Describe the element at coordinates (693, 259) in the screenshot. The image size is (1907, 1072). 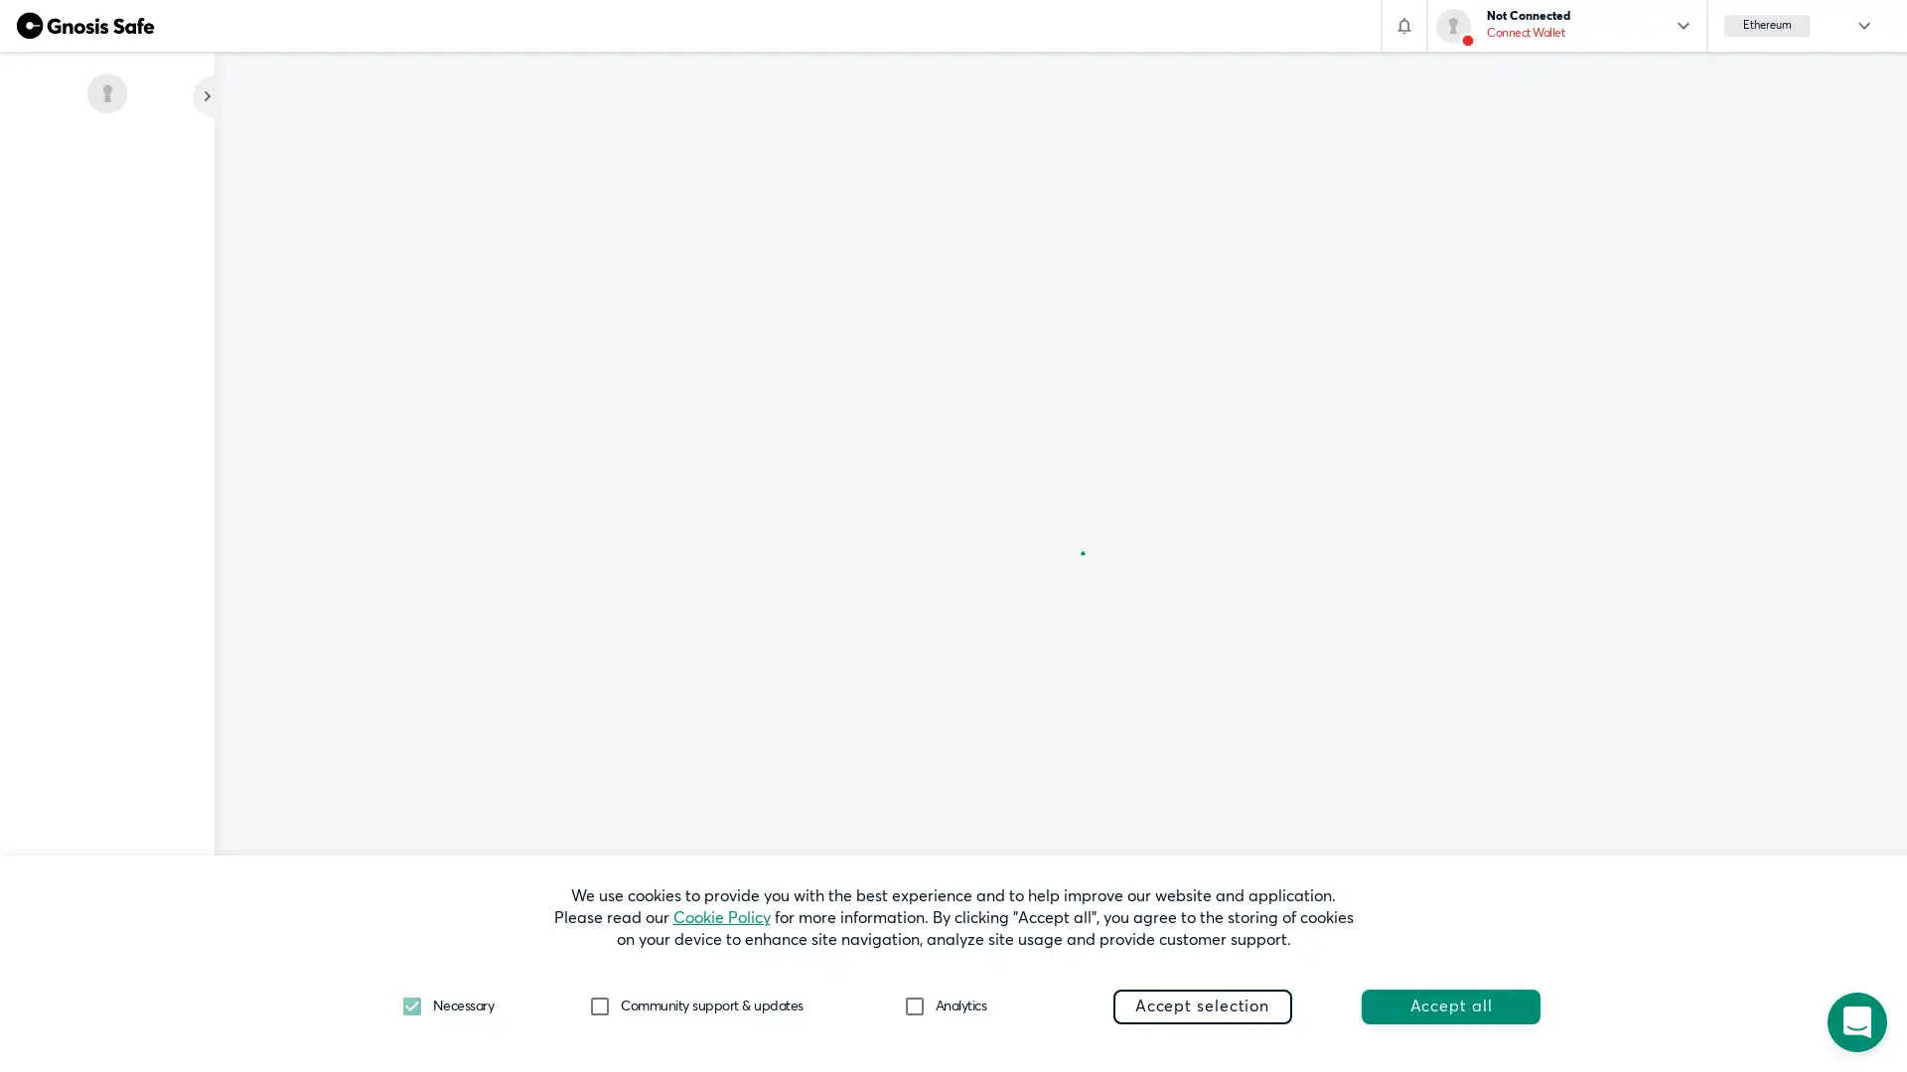
I see `Switch Network` at that location.